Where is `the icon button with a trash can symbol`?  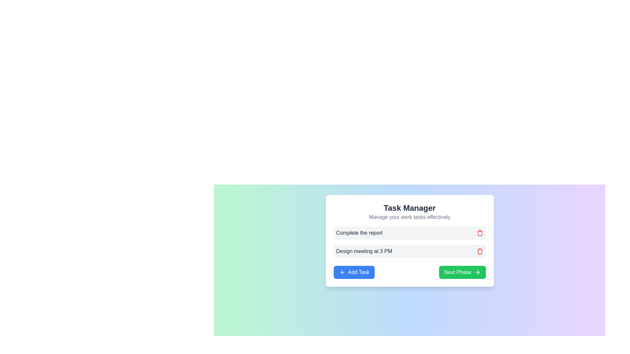 the icon button with a trash can symbol is located at coordinates (480, 251).